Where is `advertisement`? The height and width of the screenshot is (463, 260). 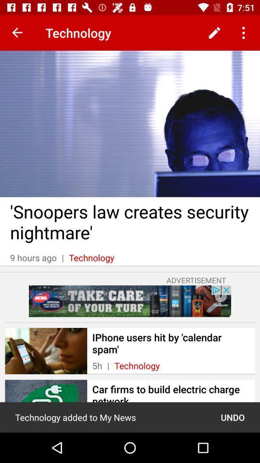
advertisement is located at coordinates (130, 300).